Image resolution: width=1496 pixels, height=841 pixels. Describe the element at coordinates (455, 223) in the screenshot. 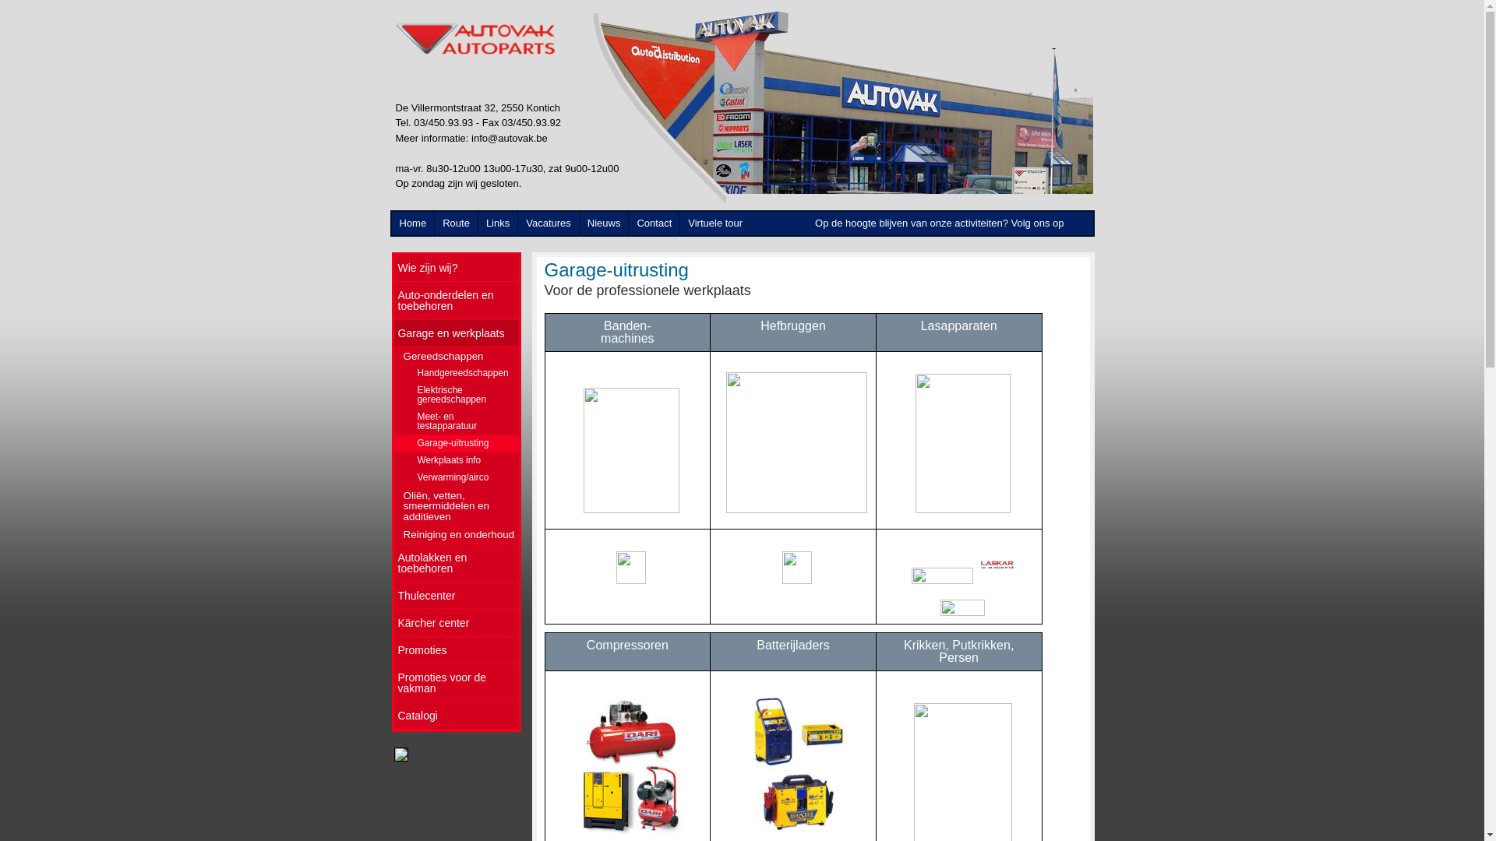

I see `'Route'` at that location.